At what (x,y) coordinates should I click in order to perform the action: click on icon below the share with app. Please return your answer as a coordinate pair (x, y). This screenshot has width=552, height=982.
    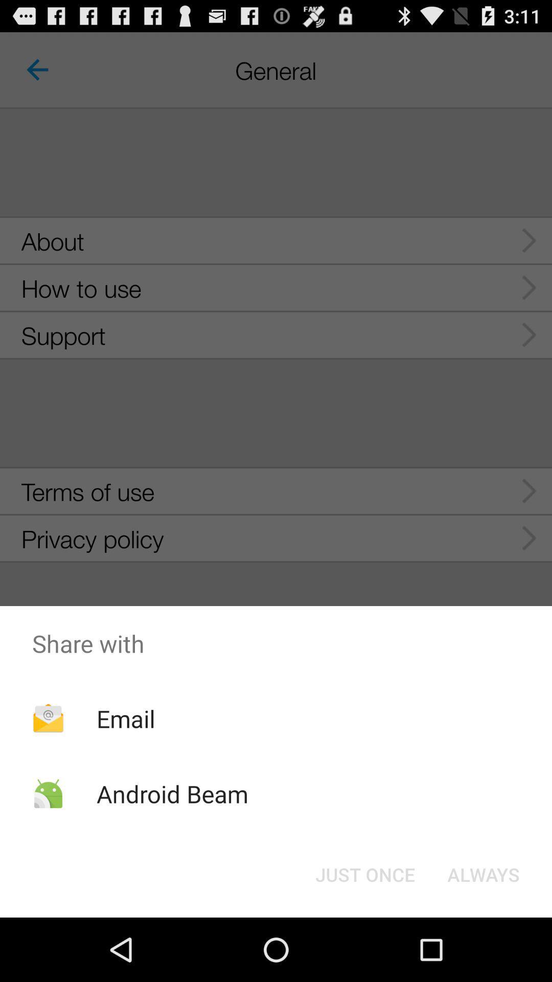
    Looking at the image, I should click on (364, 874).